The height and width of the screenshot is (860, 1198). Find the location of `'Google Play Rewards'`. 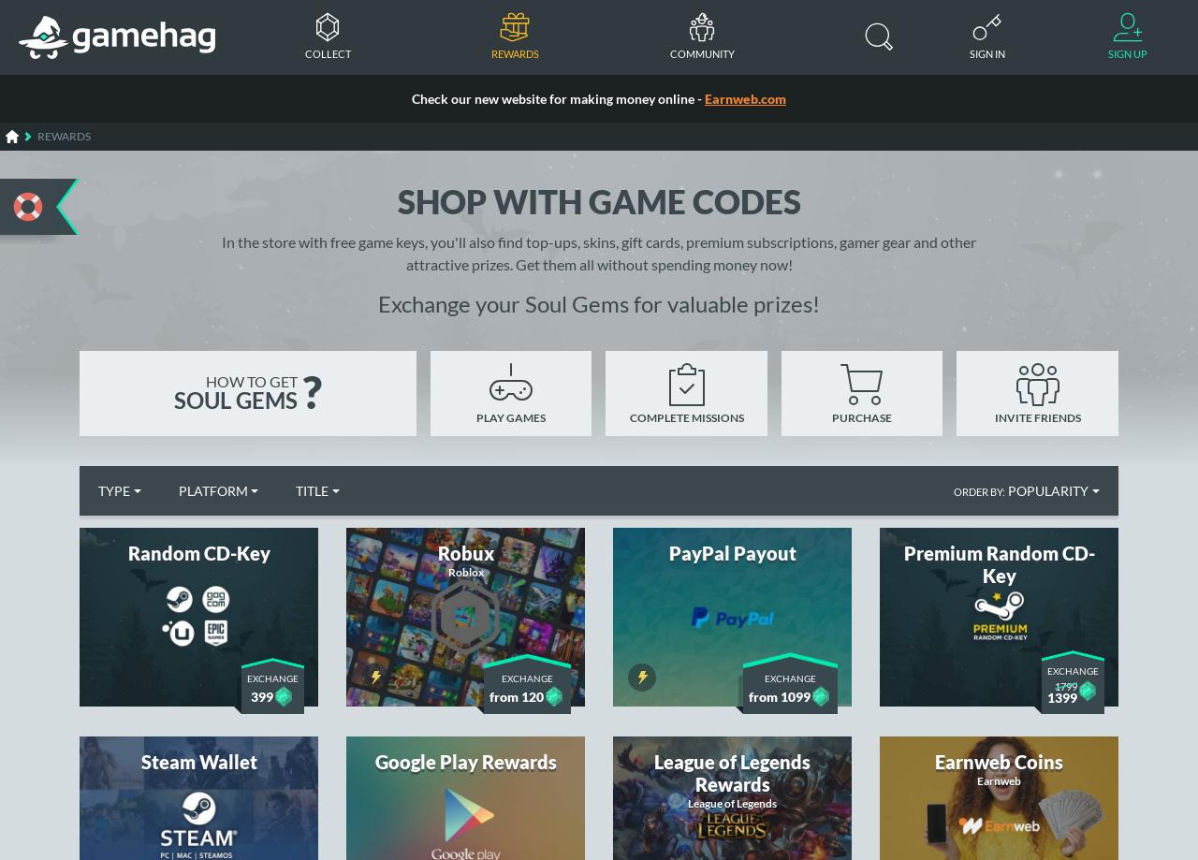

'Google Play Rewards' is located at coordinates (465, 761).